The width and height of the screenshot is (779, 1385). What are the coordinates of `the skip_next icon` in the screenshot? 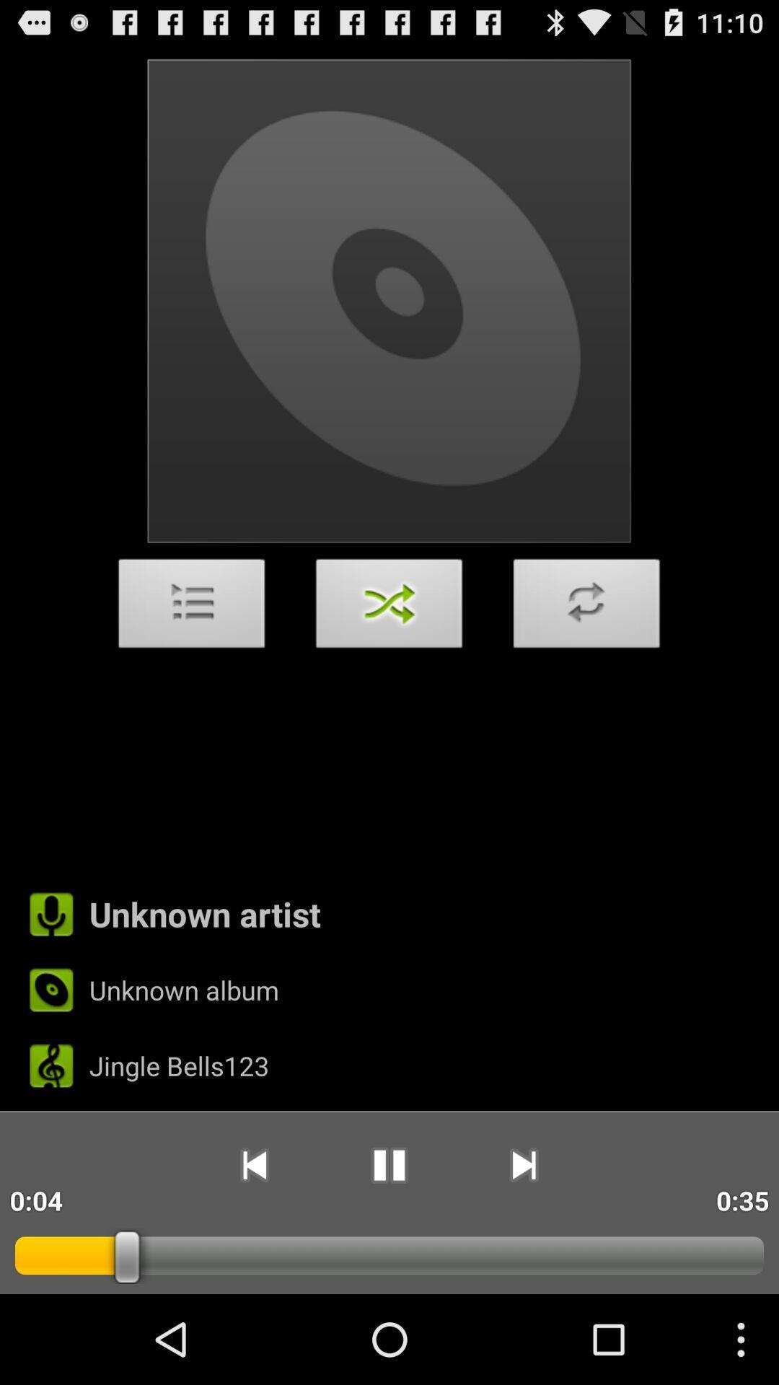 It's located at (524, 1246).